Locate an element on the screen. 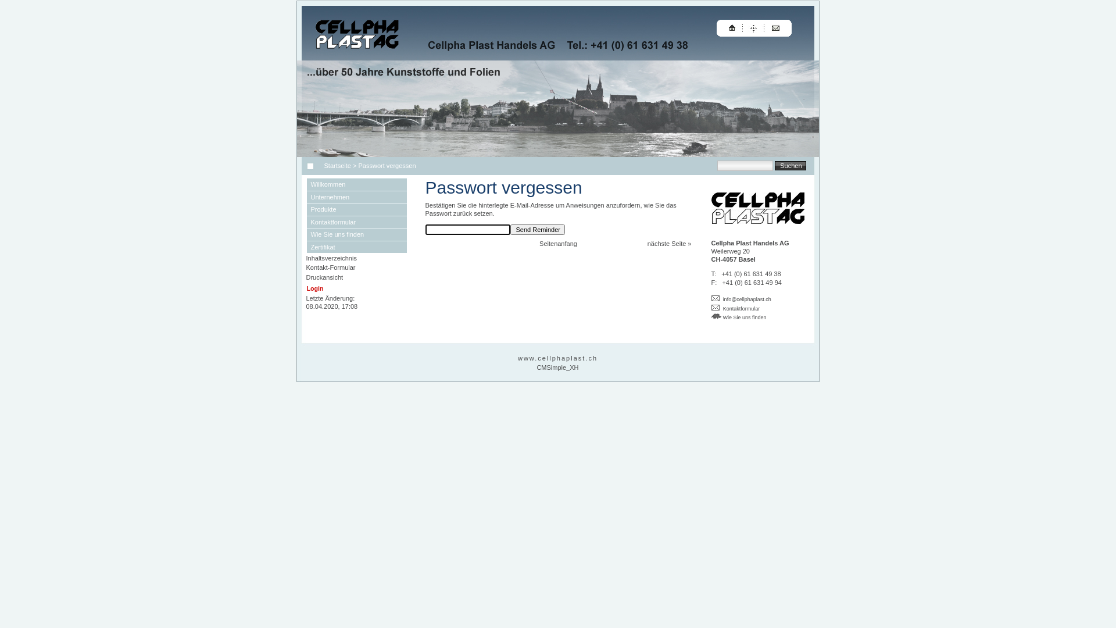  'eMail-prorigi.gif' is located at coordinates (714, 306).